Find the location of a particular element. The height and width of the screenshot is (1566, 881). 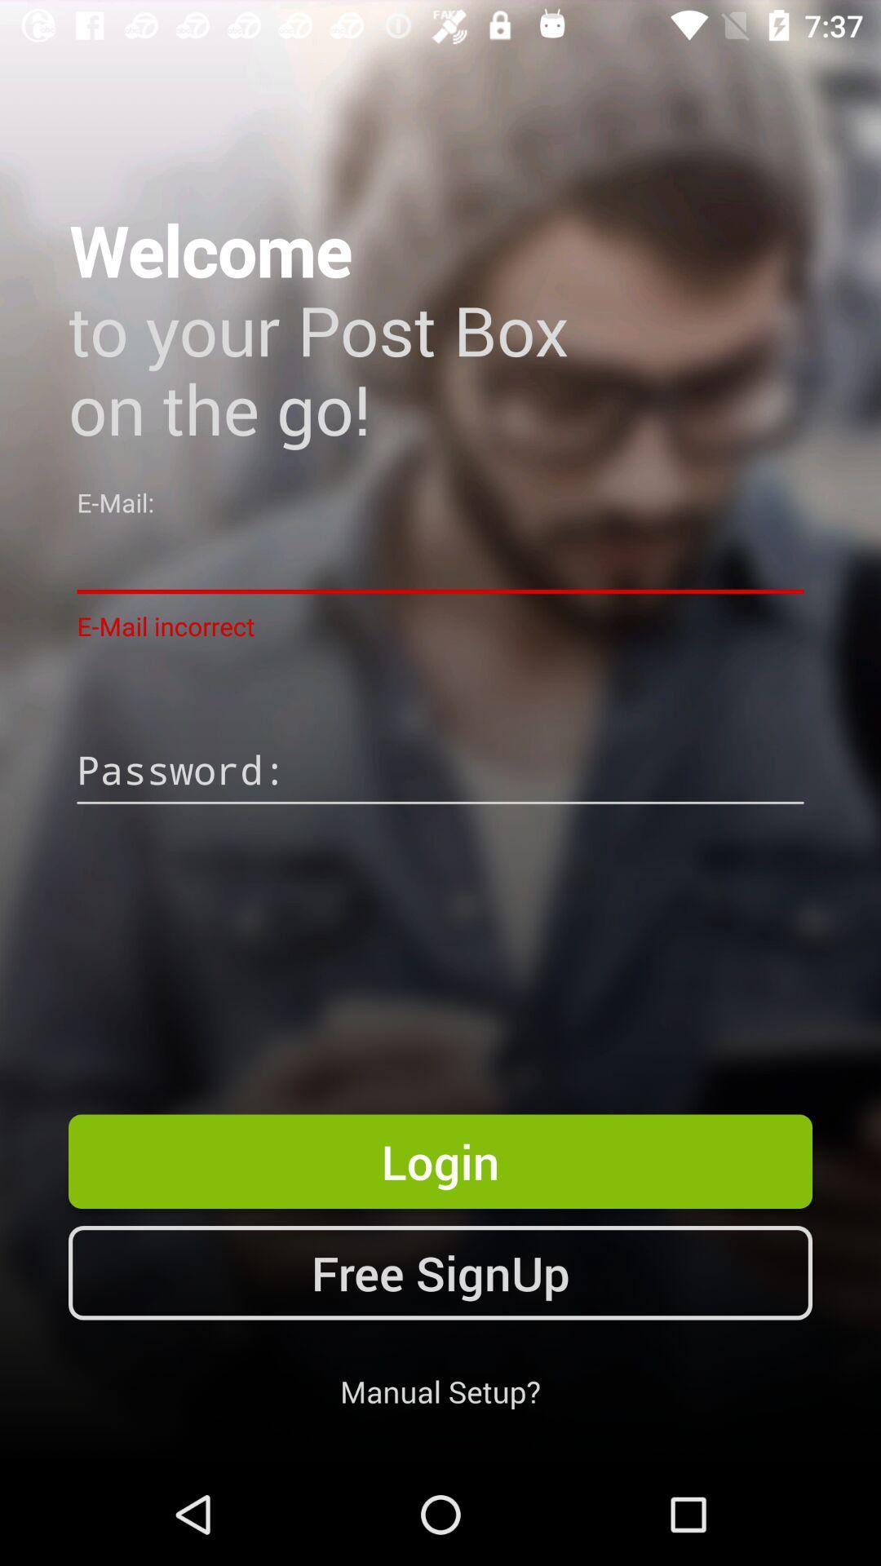

item above e-mail incorrect app is located at coordinates (440, 560).